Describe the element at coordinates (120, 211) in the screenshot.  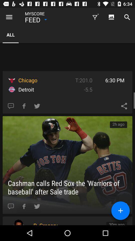
I see `the add icon` at that location.